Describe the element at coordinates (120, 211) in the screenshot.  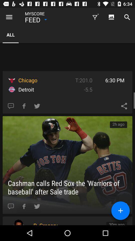
I see `the add icon` at that location.